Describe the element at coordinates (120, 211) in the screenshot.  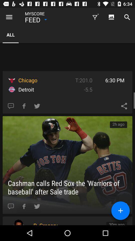
I see `the add icon` at that location.